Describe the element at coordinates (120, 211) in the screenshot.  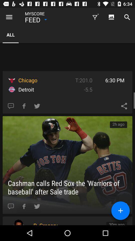
I see `the add icon` at that location.